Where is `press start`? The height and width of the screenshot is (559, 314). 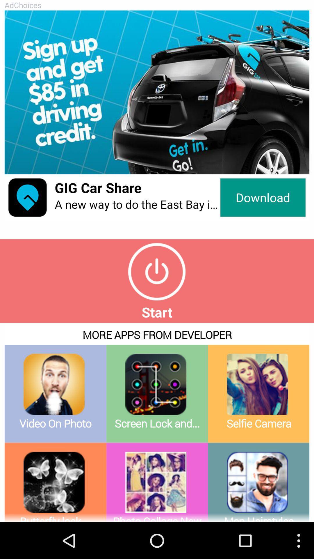
press start is located at coordinates (156, 271).